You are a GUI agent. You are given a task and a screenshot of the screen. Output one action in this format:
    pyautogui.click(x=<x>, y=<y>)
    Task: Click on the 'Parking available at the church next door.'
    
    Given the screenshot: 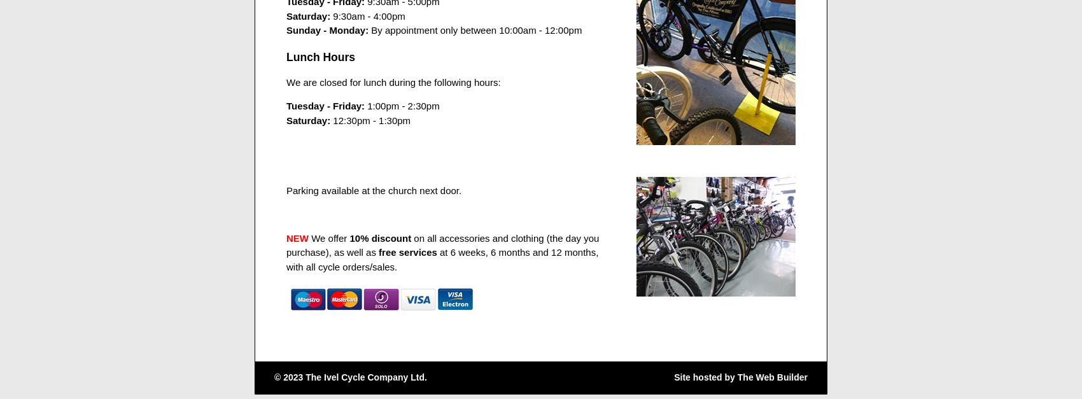 What is the action you would take?
    pyautogui.click(x=373, y=189)
    